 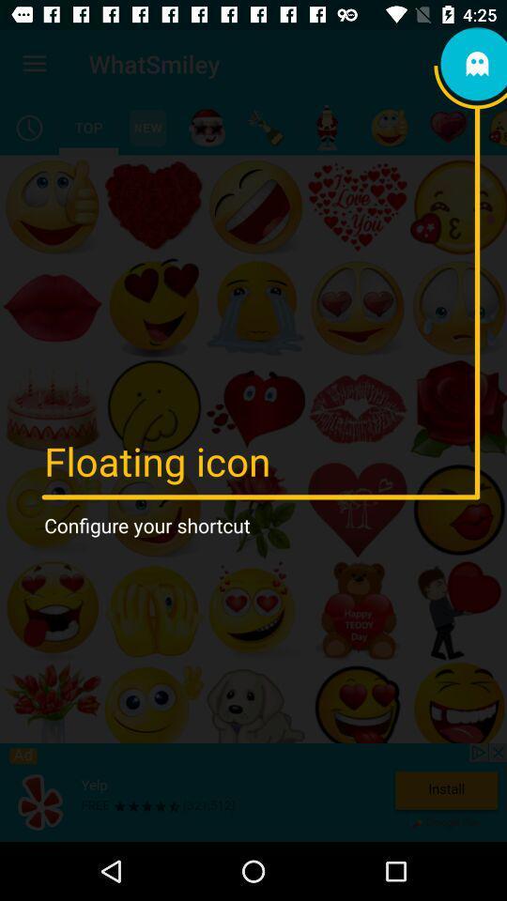 What do you see at coordinates (146, 127) in the screenshot?
I see `icon below whatsmiley item` at bounding box center [146, 127].